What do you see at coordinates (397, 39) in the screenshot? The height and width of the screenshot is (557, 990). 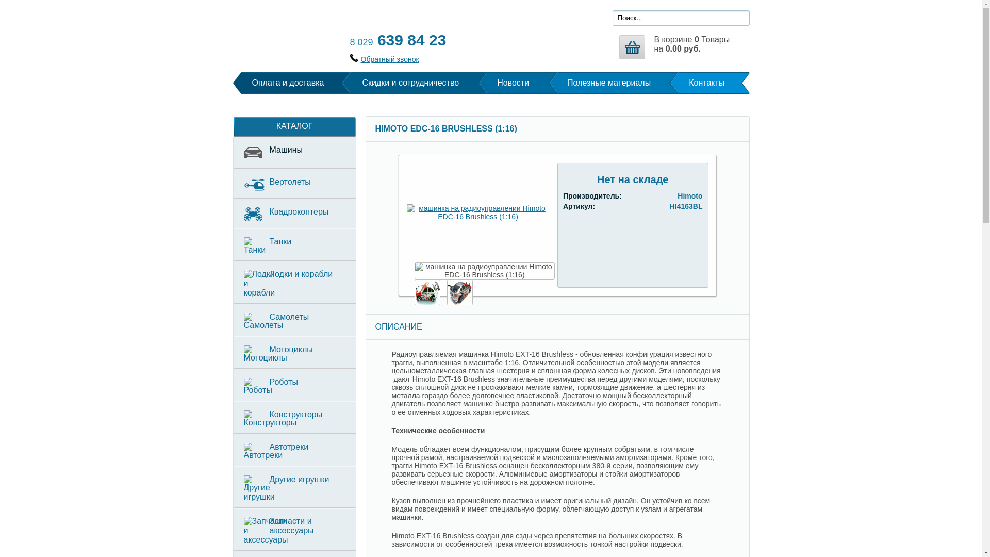 I see `'8 029 639 84 23'` at bounding box center [397, 39].